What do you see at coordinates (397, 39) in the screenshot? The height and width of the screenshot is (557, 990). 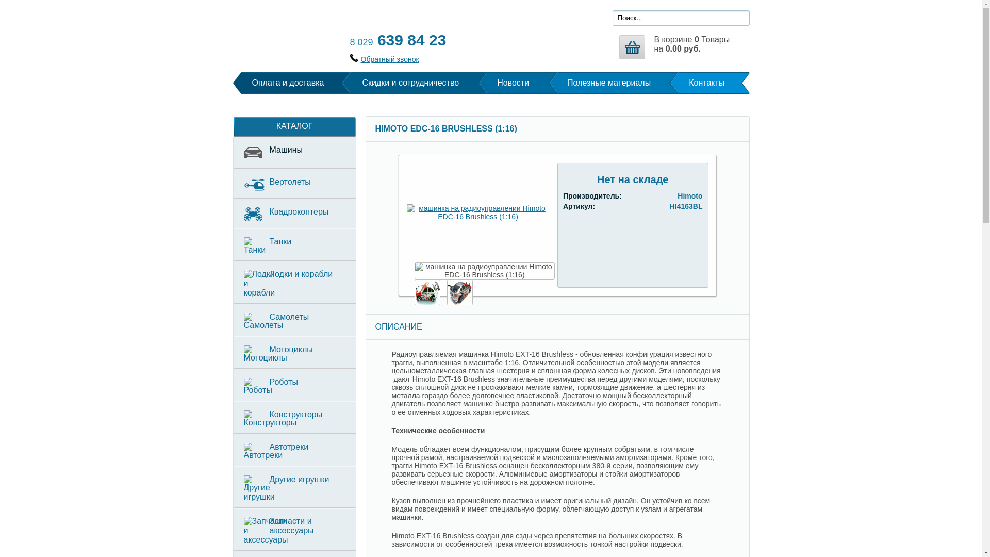 I see `'8 029 639 84 23'` at bounding box center [397, 39].